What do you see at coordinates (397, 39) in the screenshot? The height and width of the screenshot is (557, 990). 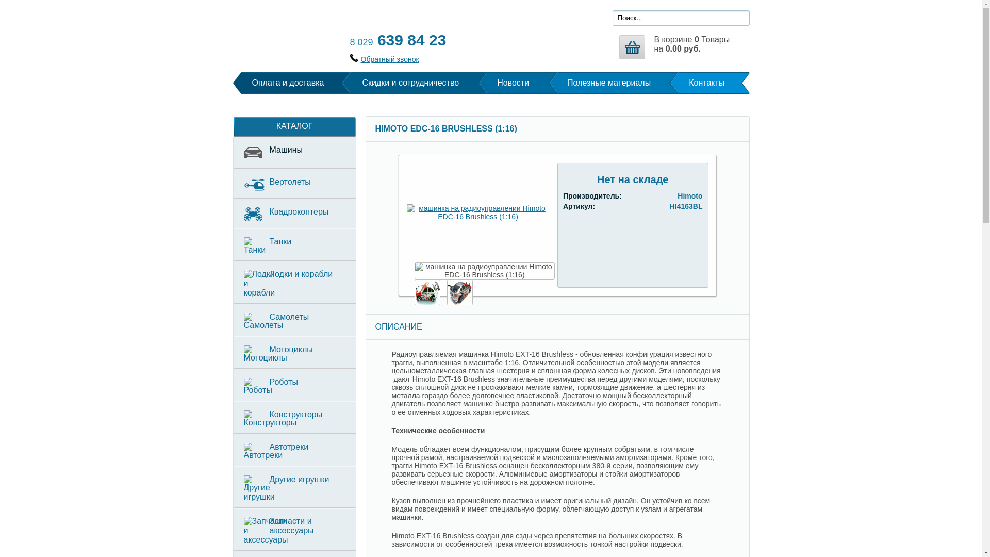 I see `'8 029 639 84 23'` at bounding box center [397, 39].